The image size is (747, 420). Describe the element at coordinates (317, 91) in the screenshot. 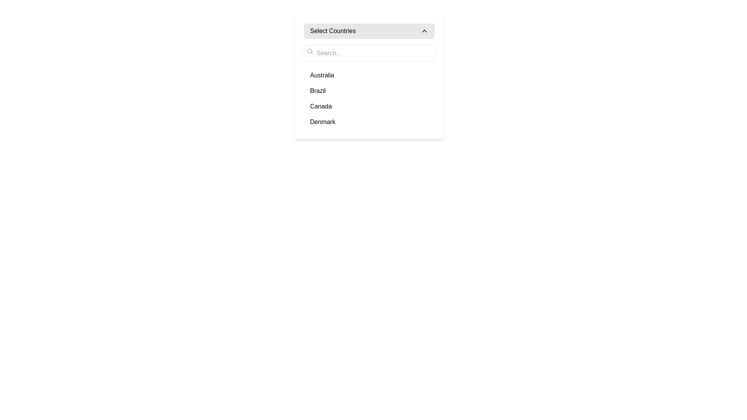

I see `the 'Brazil' dropdown menu item in the 'Select Countries' dropdown to activate it for selection` at that location.